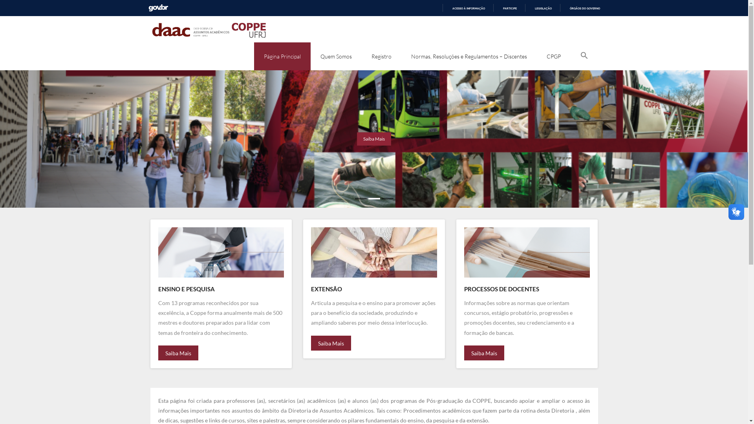 The image size is (754, 424). Describe the element at coordinates (507, 8) in the screenshot. I see `'PARTICIPE'` at that location.